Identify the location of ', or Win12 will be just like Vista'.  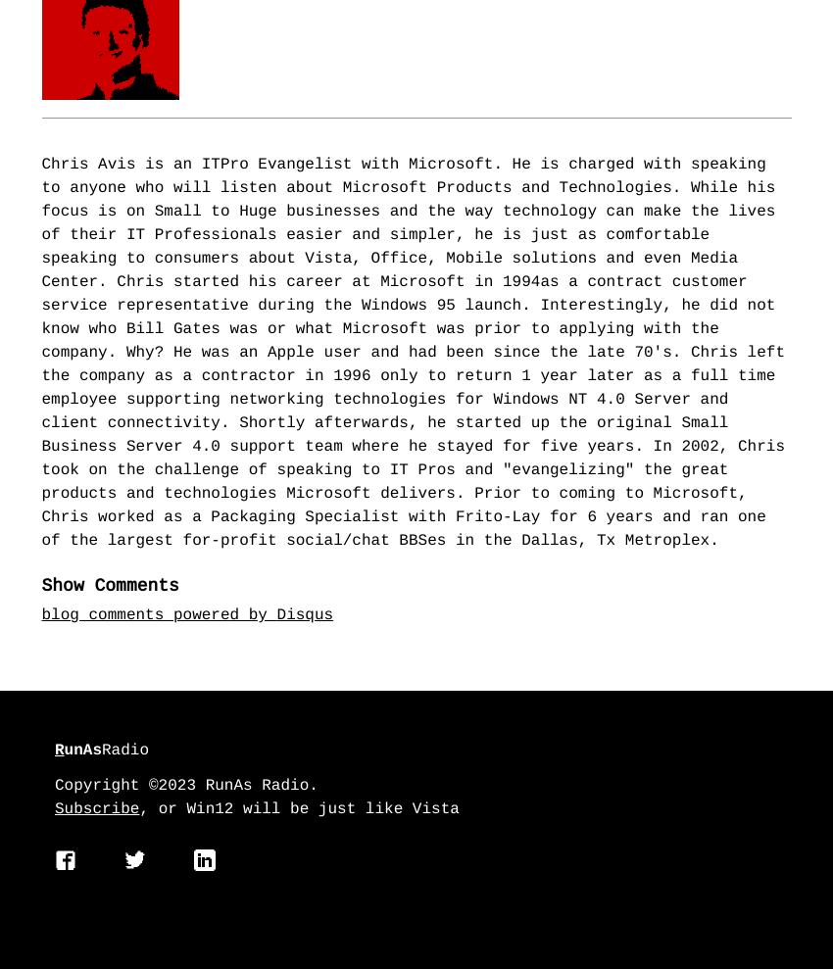
(298, 810).